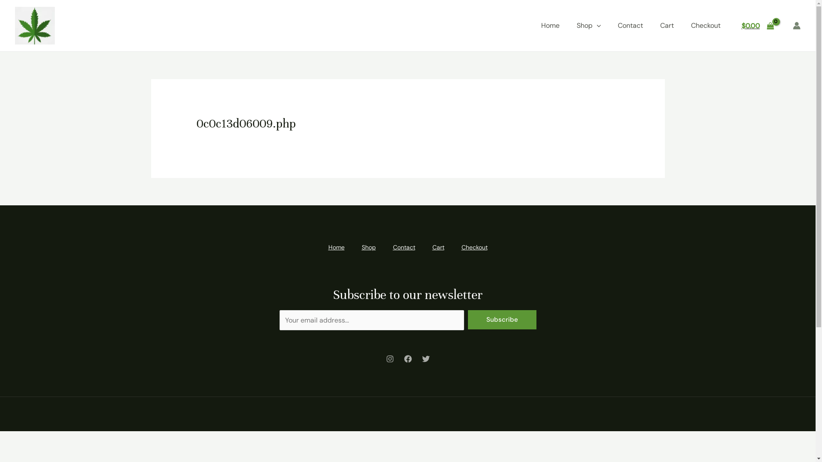 Image resolution: width=822 pixels, height=462 pixels. Describe the element at coordinates (474, 247) in the screenshot. I see `'Checkout'` at that location.